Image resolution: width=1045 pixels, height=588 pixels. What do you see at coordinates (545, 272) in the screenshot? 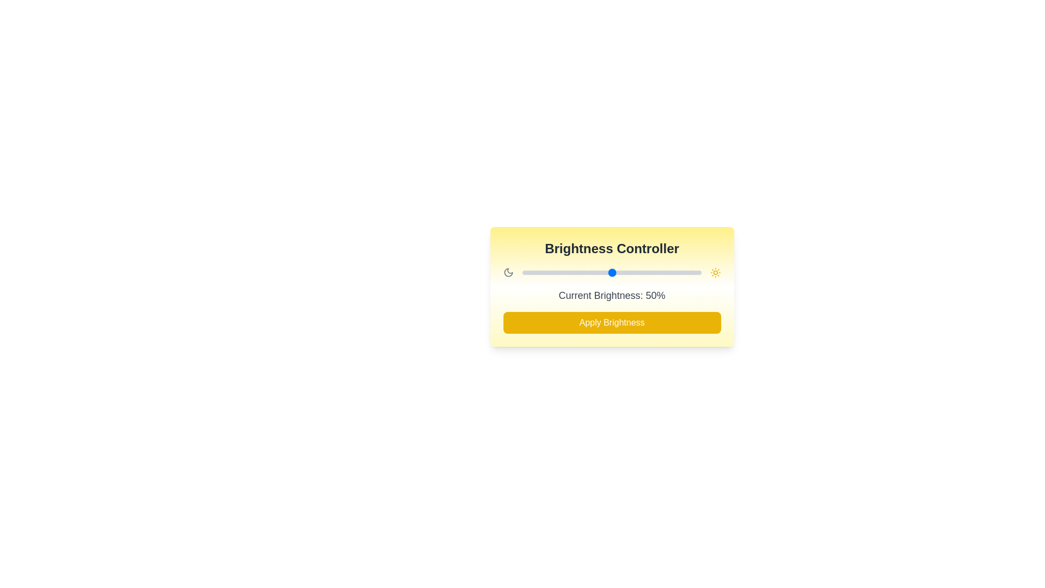
I see `the brightness slider to 13%` at bounding box center [545, 272].